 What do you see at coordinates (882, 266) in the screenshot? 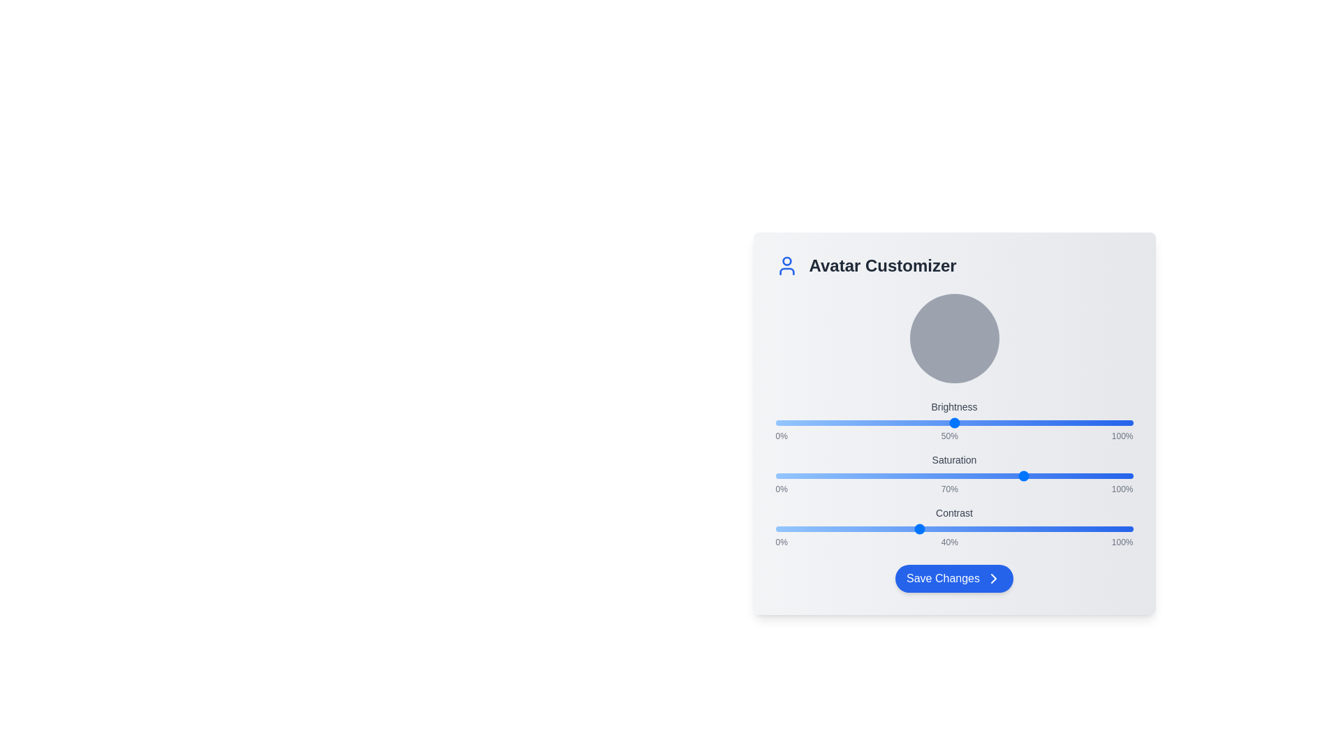
I see `the Avatar Customizer title to focus on it` at bounding box center [882, 266].